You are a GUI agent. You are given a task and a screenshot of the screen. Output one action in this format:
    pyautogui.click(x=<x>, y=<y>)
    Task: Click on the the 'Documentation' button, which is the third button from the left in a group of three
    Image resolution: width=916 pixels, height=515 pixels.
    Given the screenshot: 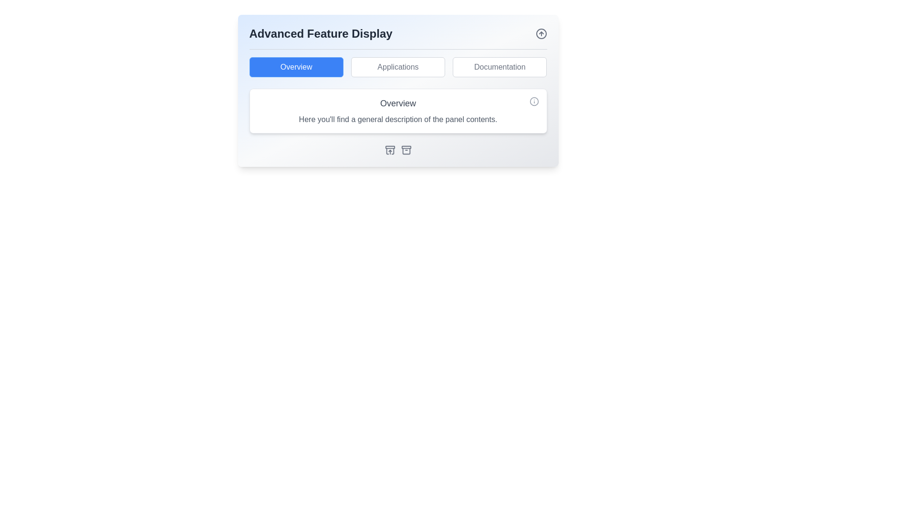 What is the action you would take?
    pyautogui.click(x=499, y=67)
    